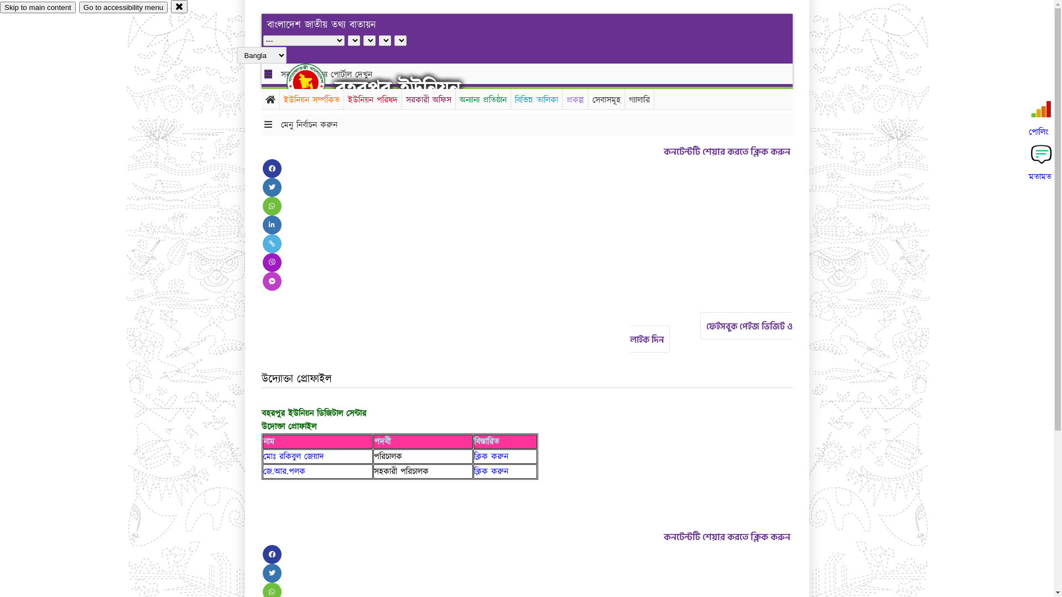 The width and height of the screenshot is (1062, 597). I want to click on ', so click(287, 82).